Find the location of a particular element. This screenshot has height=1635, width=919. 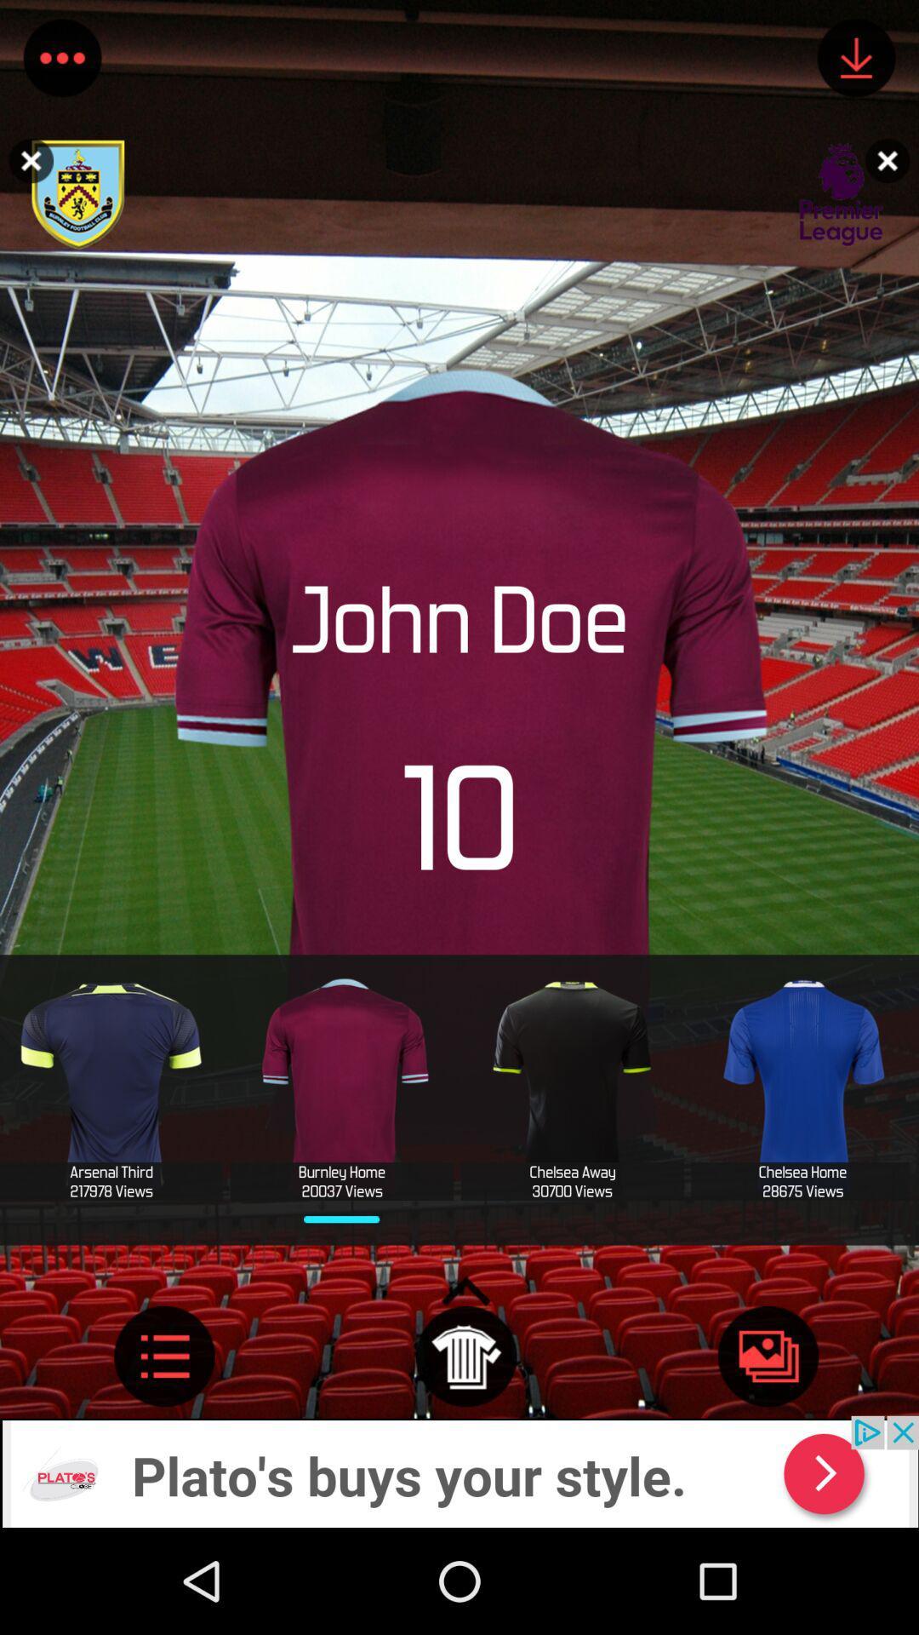

the file_download icon is located at coordinates (856, 61).